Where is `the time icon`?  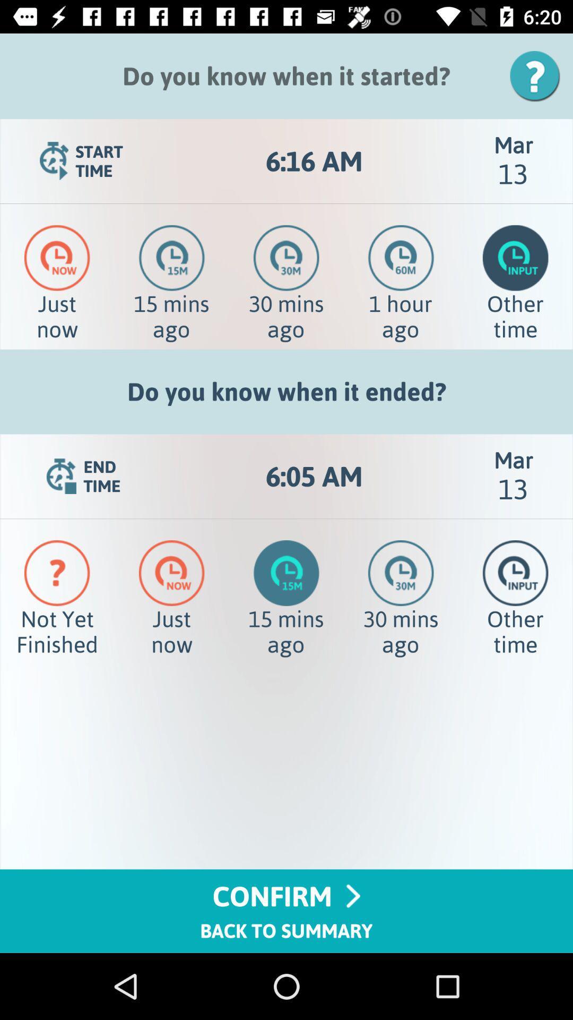
the time icon is located at coordinates (171, 572).